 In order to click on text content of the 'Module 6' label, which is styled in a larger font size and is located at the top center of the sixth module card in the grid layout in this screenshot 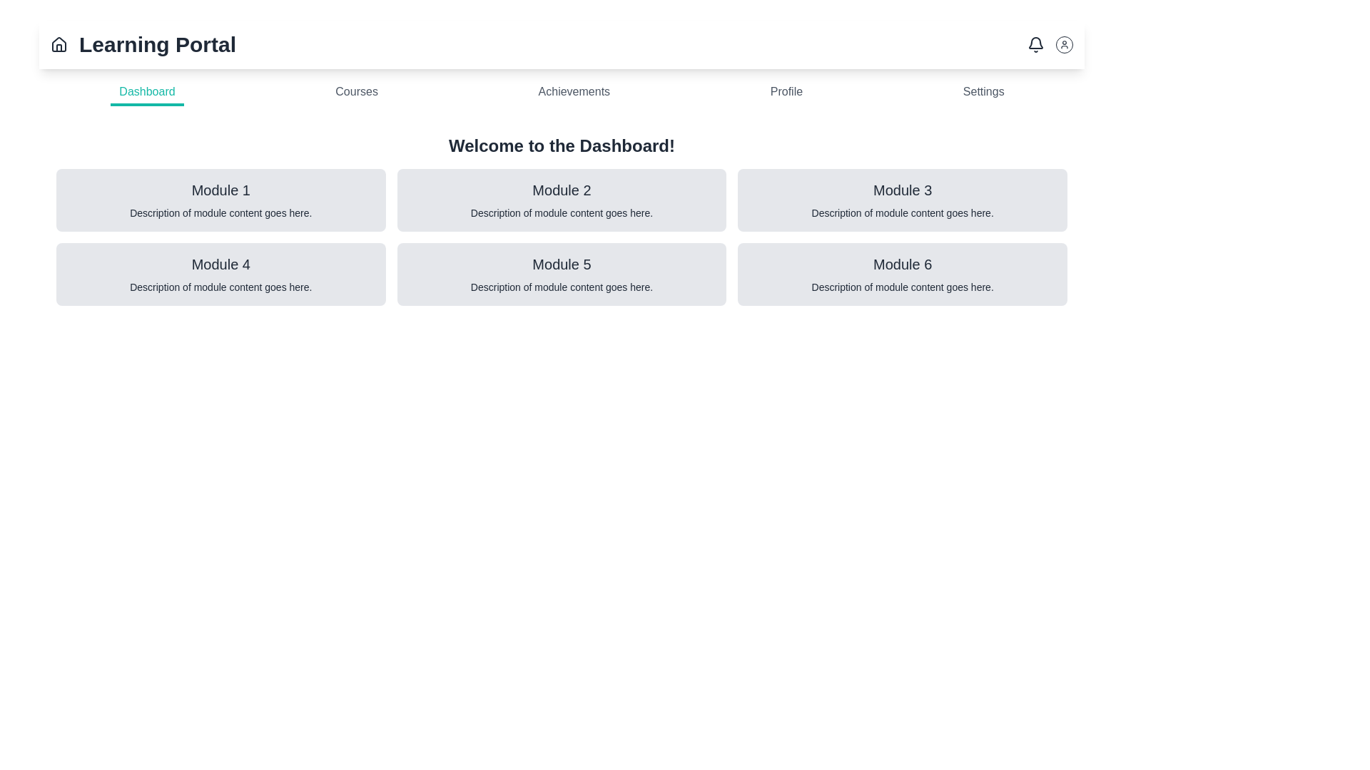, I will do `click(902, 264)`.